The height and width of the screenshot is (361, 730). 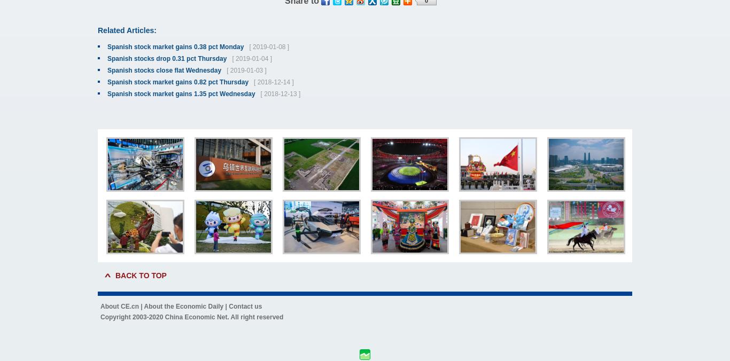 I want to click on 'BACK TO TOP', so click(x=141, y=274).